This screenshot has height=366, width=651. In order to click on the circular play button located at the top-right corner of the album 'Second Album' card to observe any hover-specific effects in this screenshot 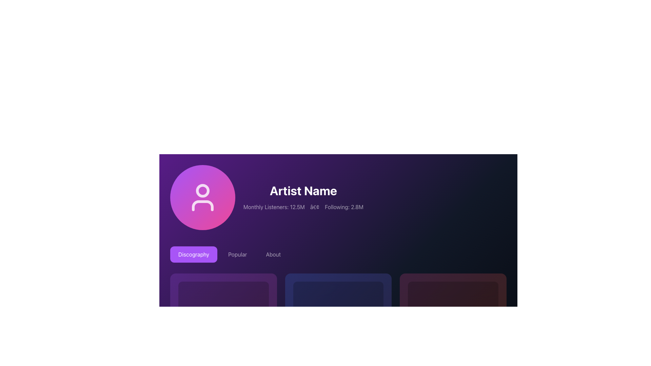, I will do `click(378, 287)`.